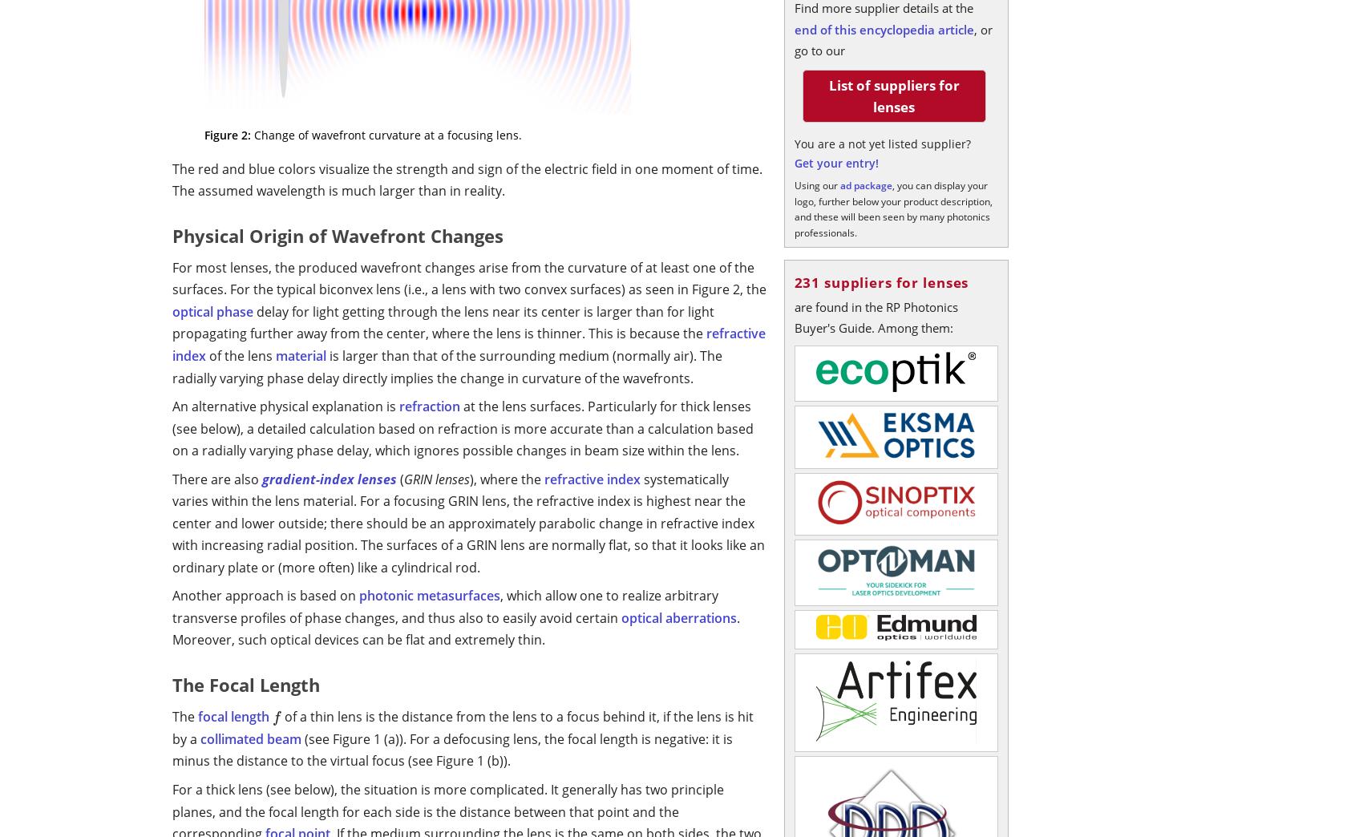 The image size is (1359, 837). Describe the element at coordinates (285, 406) in the screenshot. I see `'An alternative physical explanation is'` at that location.